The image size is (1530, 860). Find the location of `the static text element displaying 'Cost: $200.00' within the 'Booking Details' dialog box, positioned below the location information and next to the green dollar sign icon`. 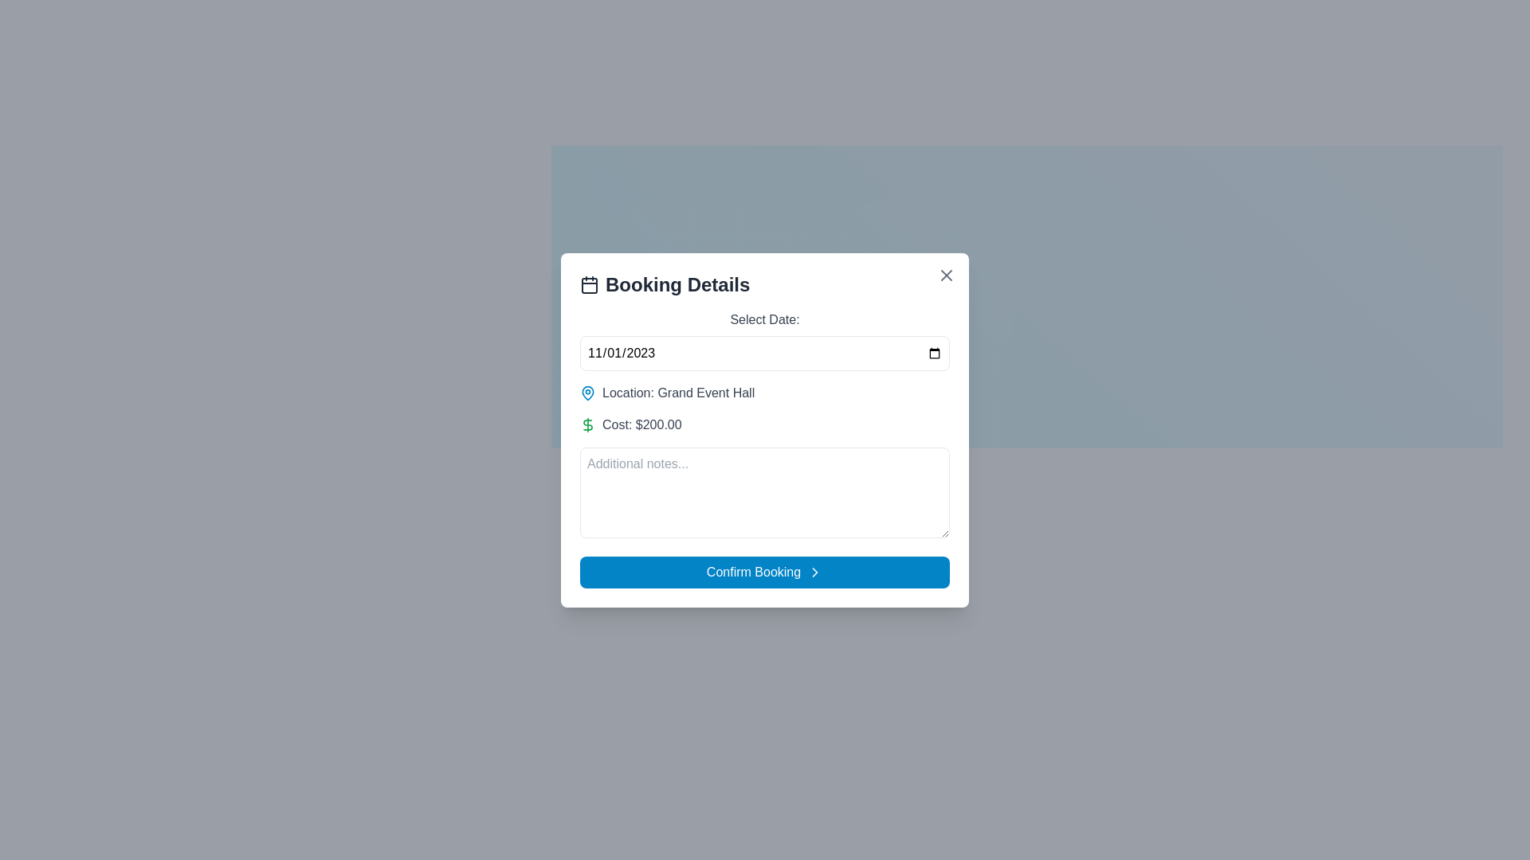

the static text element displaying 'Cost: $200.00' within the 'Booking Details' dialog box, positioned below the location information and next to the green dollar sign icon is located at coordinates (641, 424).